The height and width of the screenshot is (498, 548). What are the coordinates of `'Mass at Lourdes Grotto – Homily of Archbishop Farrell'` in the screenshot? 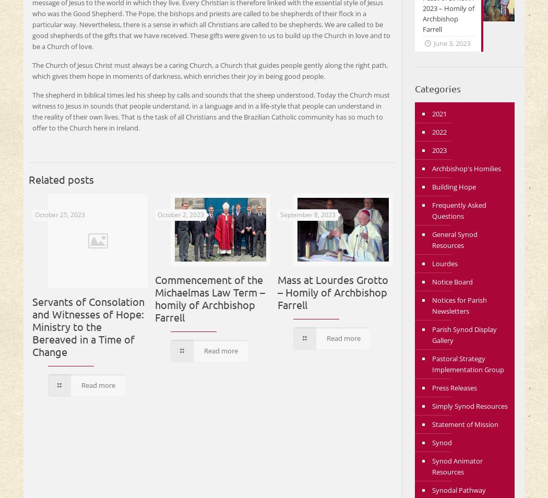 It's located at (332, 291).